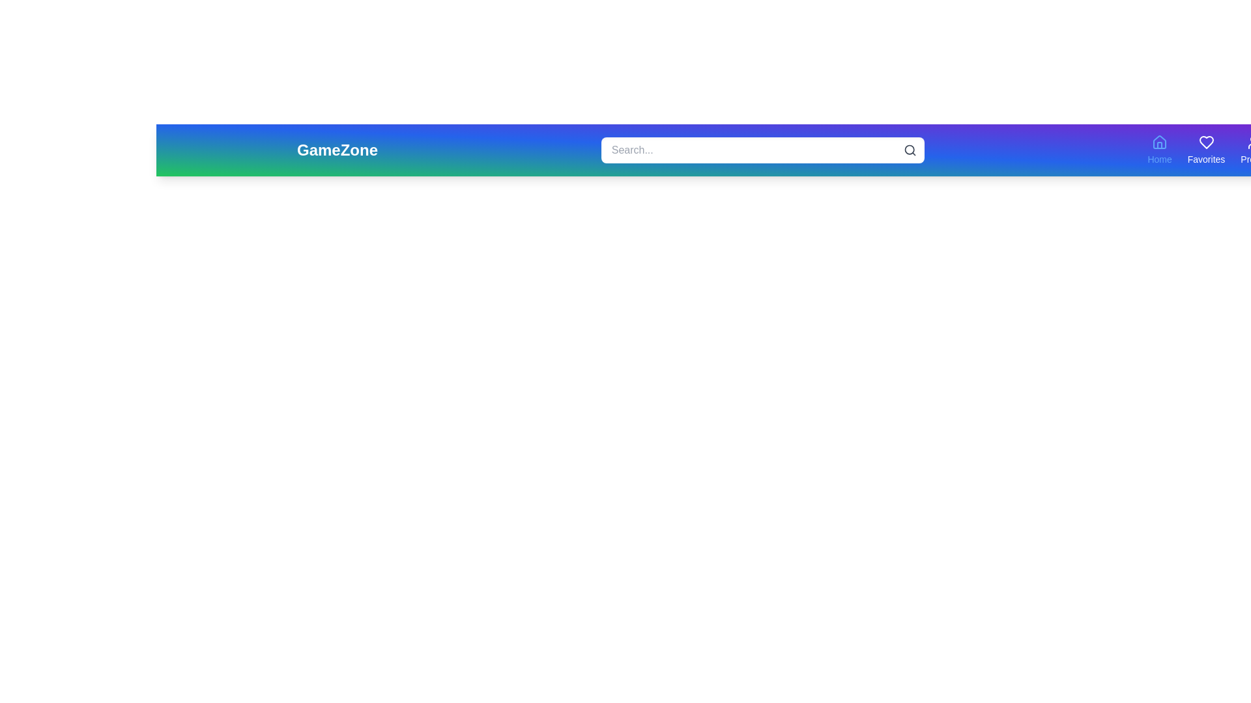 This screenshot has width=1251, height=703. I want to click on the 'GameZone' logo to return to the homepage, so click(338, 150).